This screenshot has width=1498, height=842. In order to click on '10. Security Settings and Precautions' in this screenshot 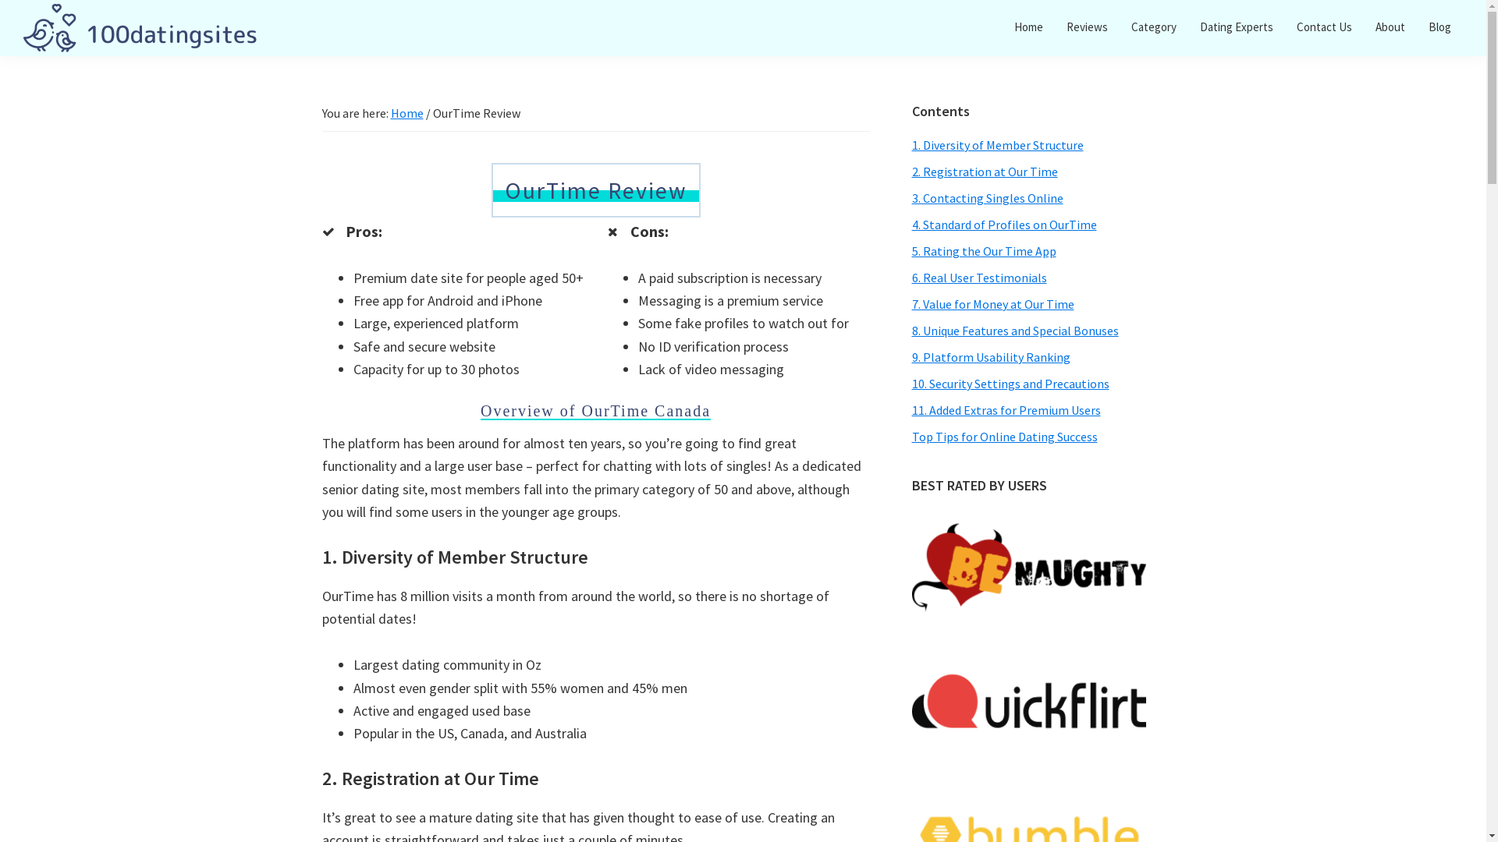, I will do `click(1010, 384)`.